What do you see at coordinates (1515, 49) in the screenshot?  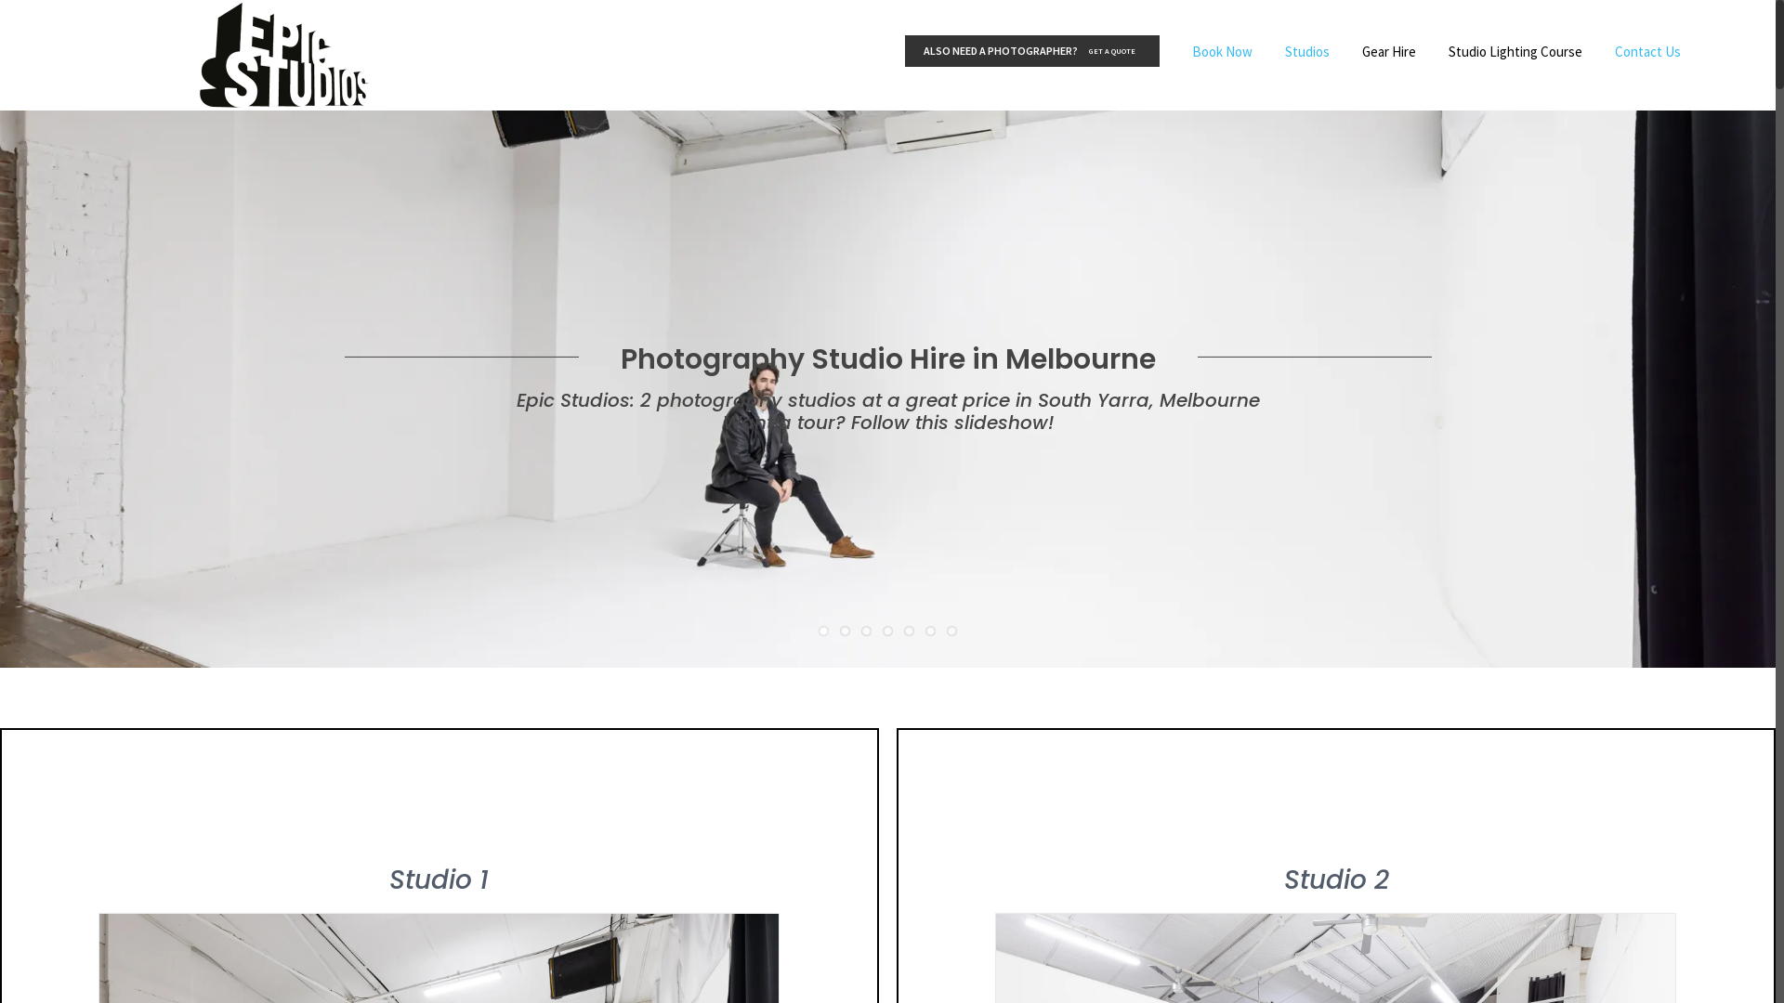 I see `'Studio Lighting Course'` at bounding box center [1515, 49].